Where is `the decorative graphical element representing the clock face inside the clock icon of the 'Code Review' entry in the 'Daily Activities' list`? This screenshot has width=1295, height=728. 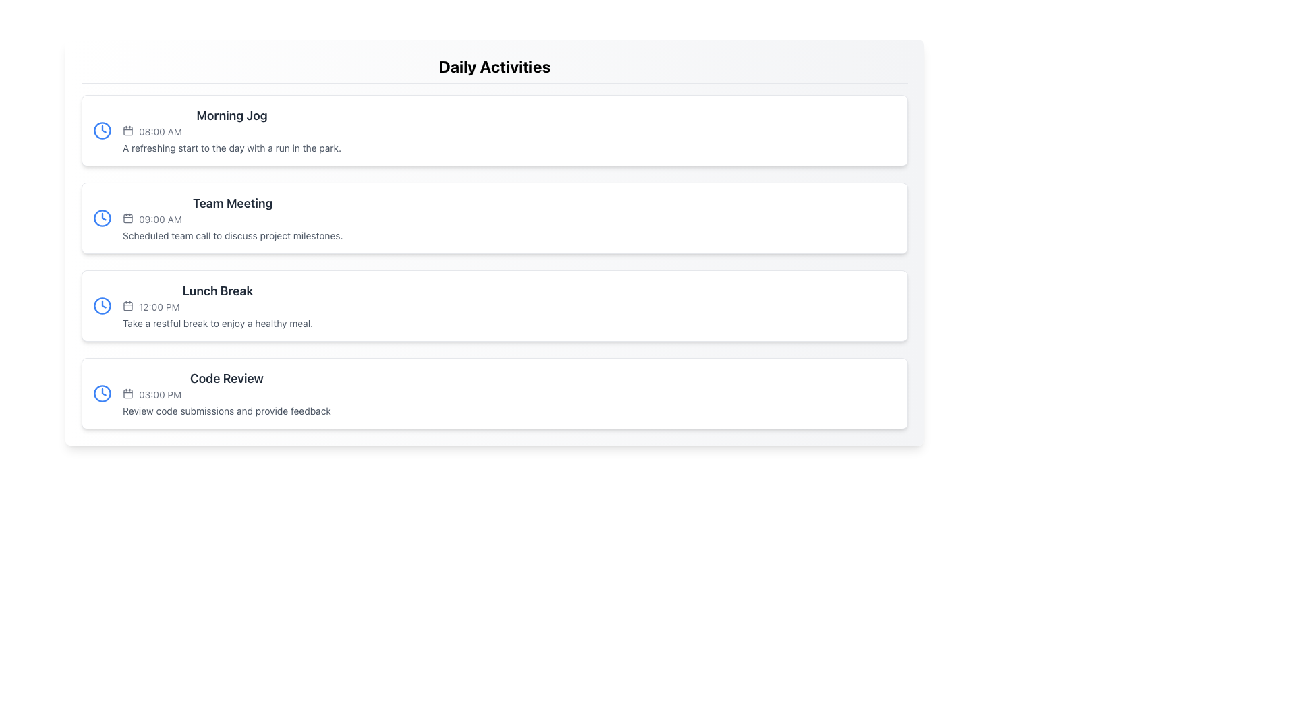
the decorative graphical element representing the clock face inside the clock icon of the 'Code Review' entry in the 'Daily Activities' list is located at coordinates (102, 393).